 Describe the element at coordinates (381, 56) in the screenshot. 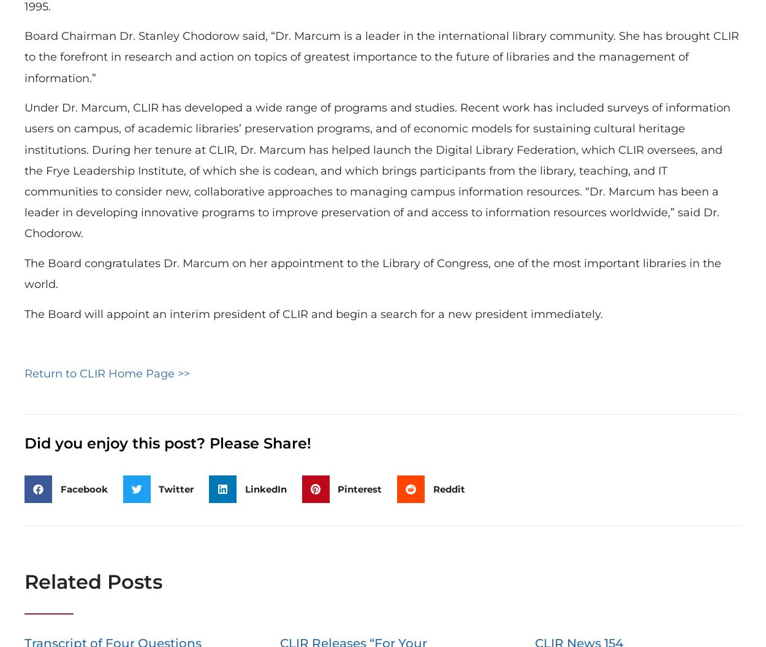

I see `'Board Chairman Dr. Stanley Chodorow said, “Dr. Marcum is a leader in the international library community. She has brought CLIR to the forefront in research and action on topics of greatest importance to the future of libraries and the management of information.”'` at that location.